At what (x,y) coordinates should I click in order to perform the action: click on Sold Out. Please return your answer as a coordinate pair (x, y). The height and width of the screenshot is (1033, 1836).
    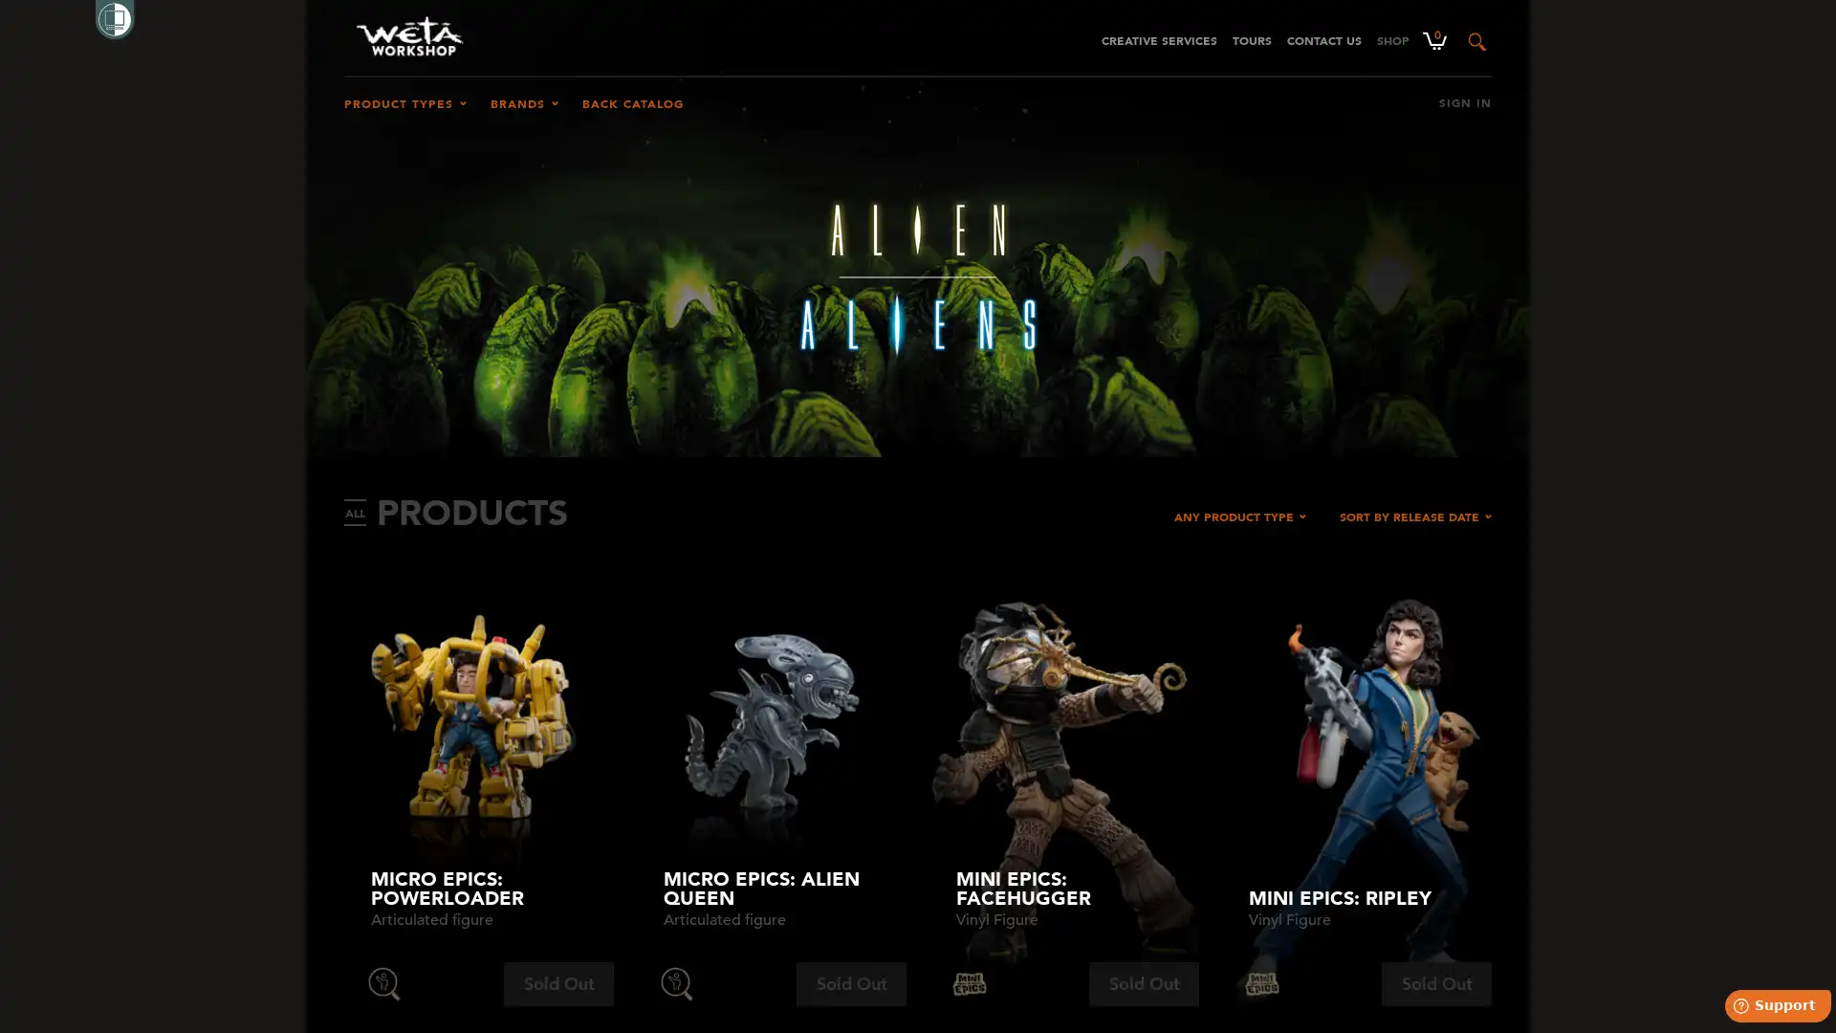
    Looking at the image, I should click on (557, 984).